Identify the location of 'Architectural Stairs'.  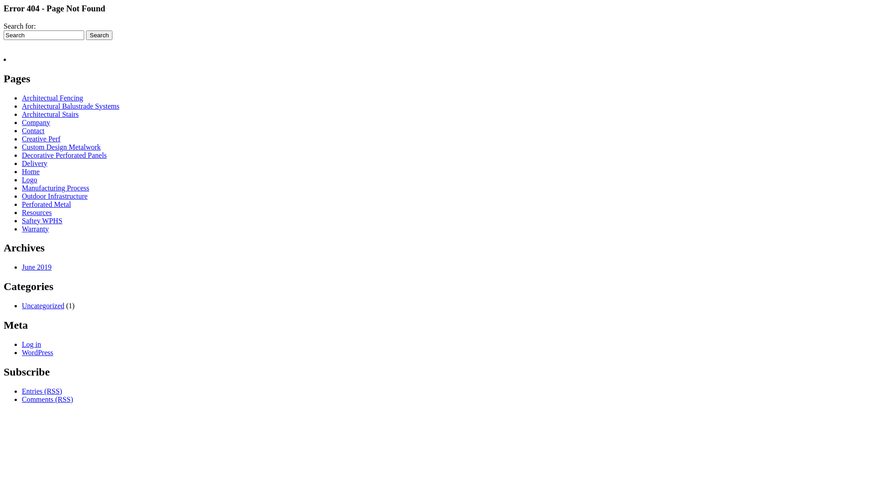
(50, 114).